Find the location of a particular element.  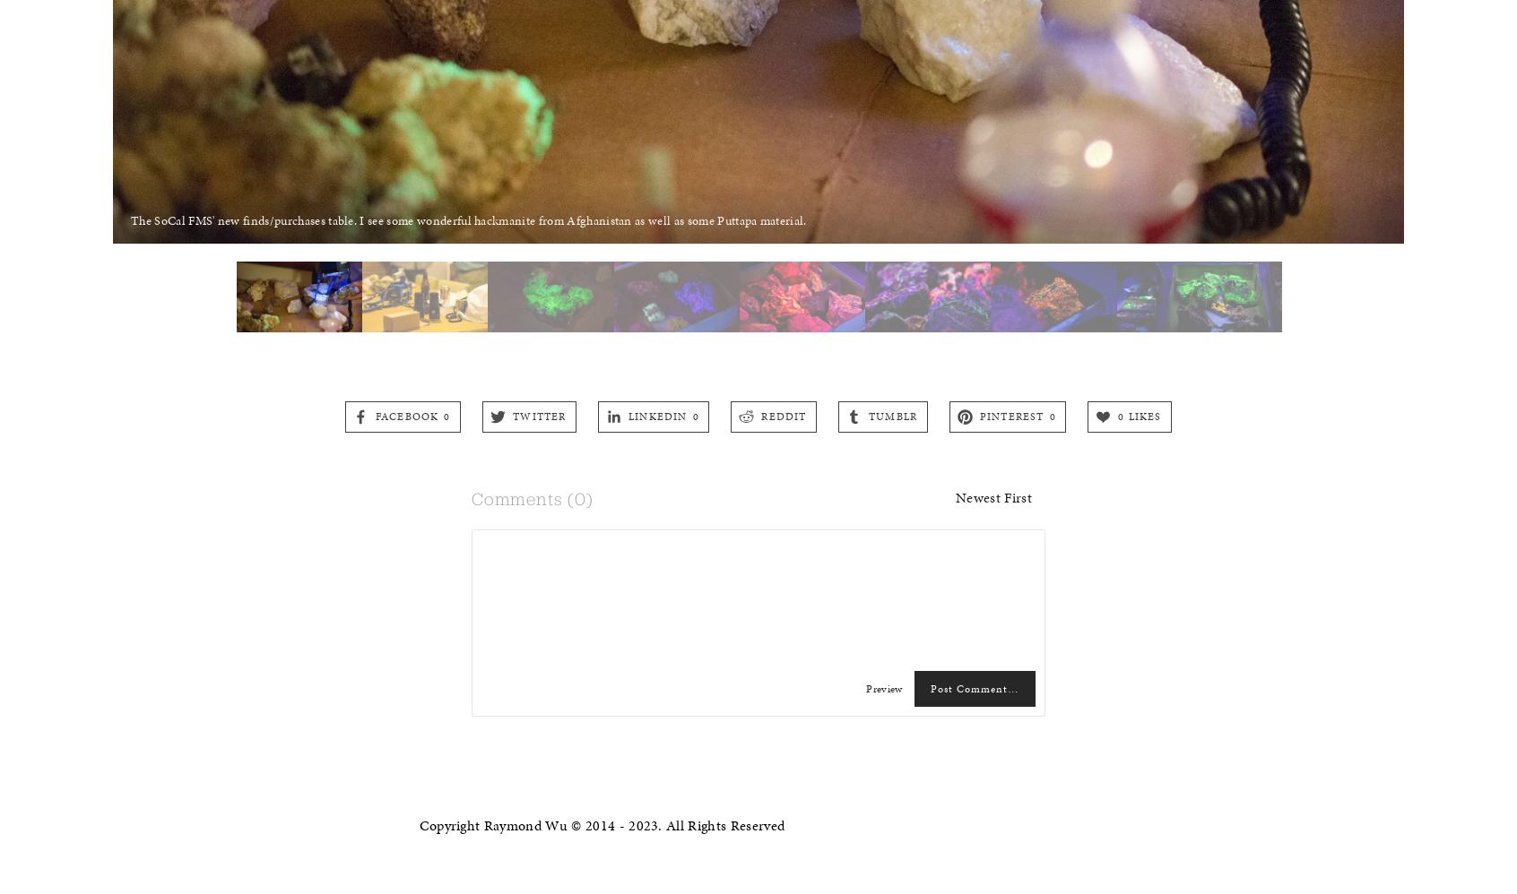

'2023. All Rights Reserved' is located at coordinates (706, 825).